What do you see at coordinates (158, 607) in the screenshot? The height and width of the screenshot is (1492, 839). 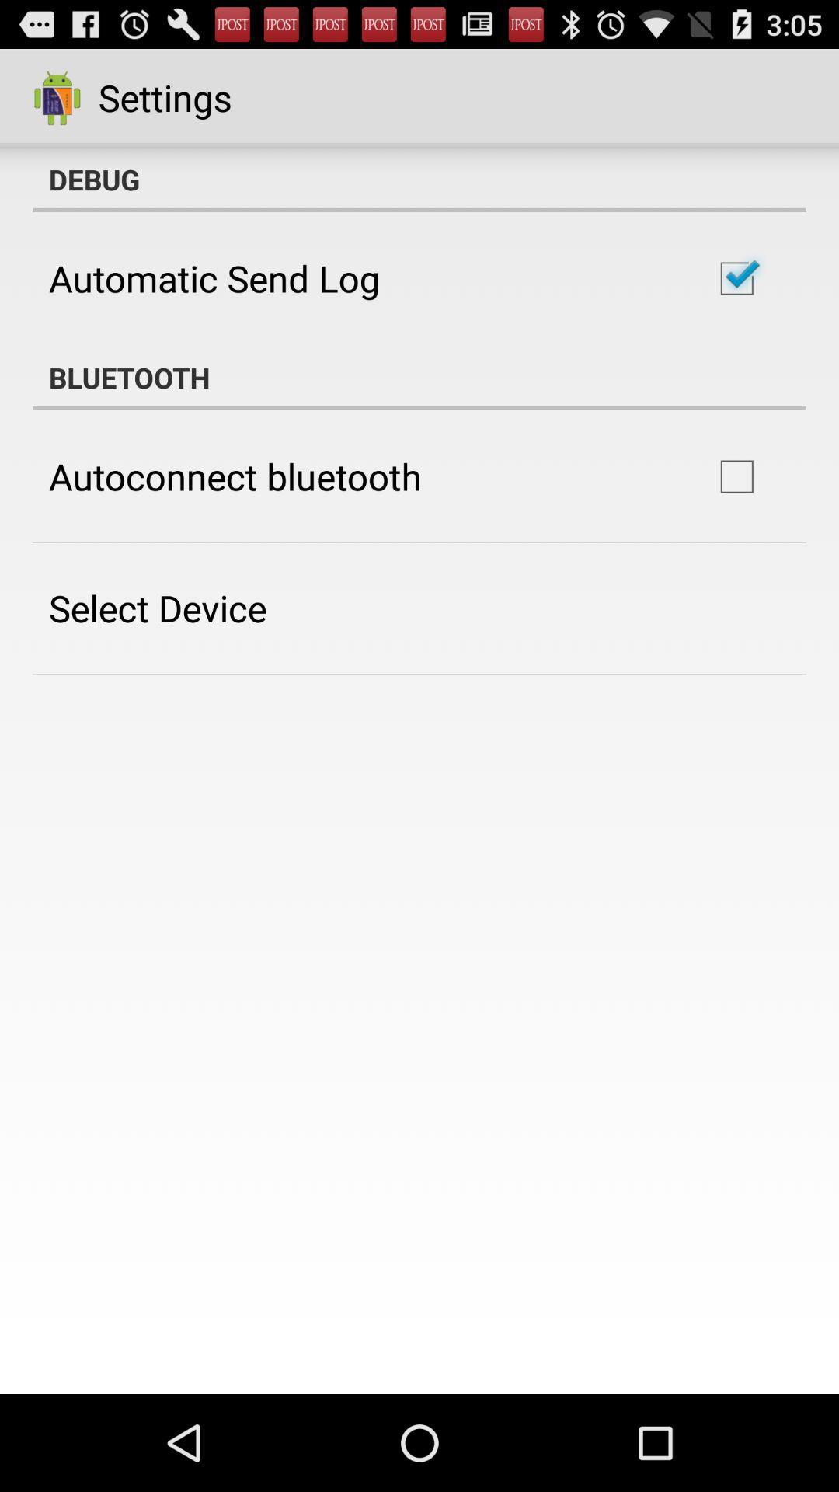 I see `select device app` at bounding box center [158, 607].